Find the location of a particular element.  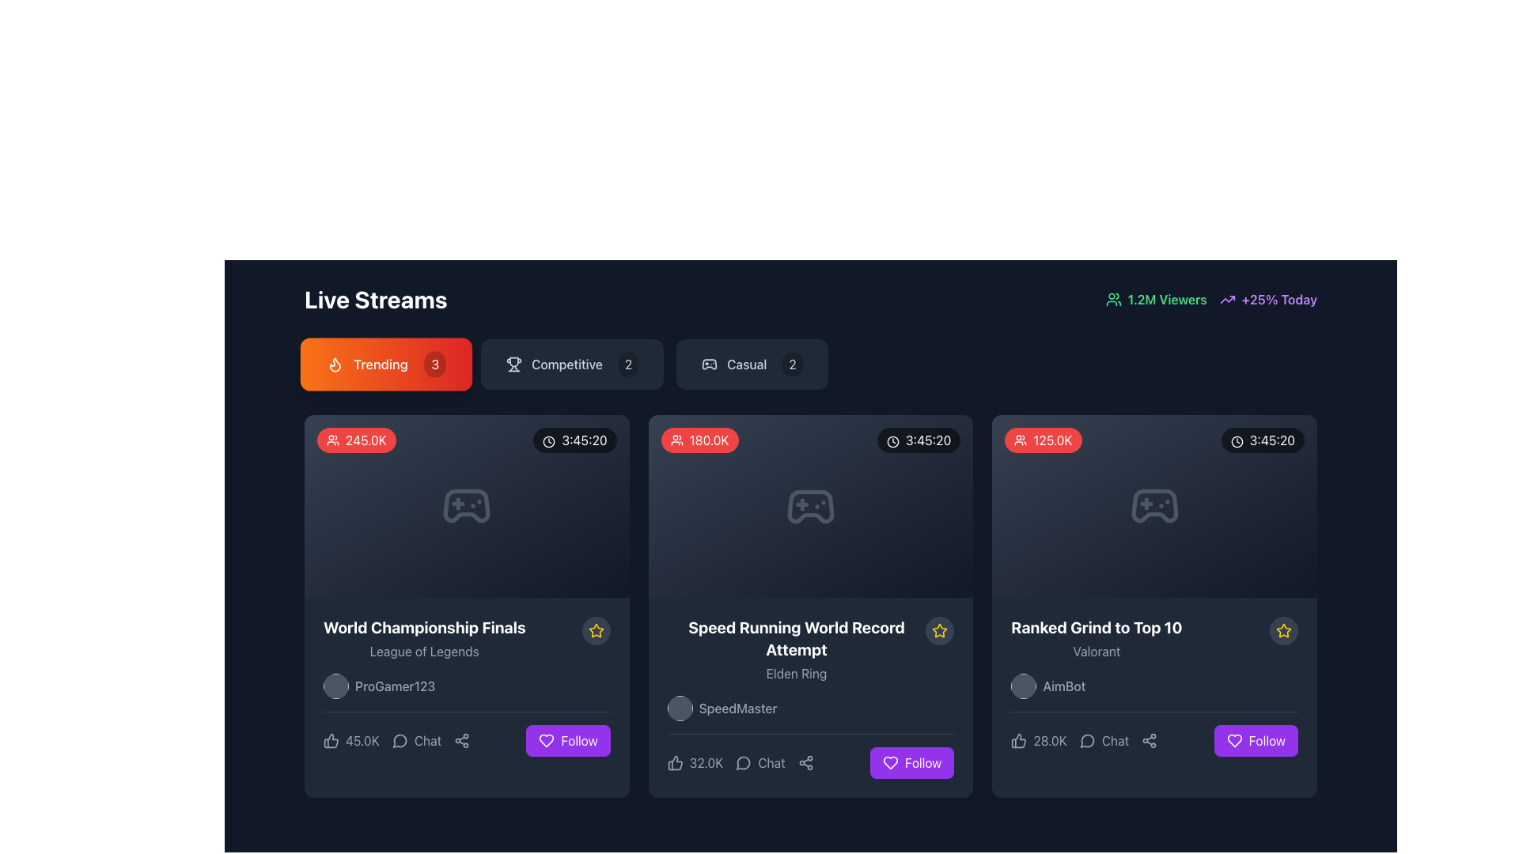

the 'Follow' text label within the button, which is styled with a bold white font on a vibrant purple background, located at the bottom-right corner of the second card in the grid is located at coordinates (923, 761).